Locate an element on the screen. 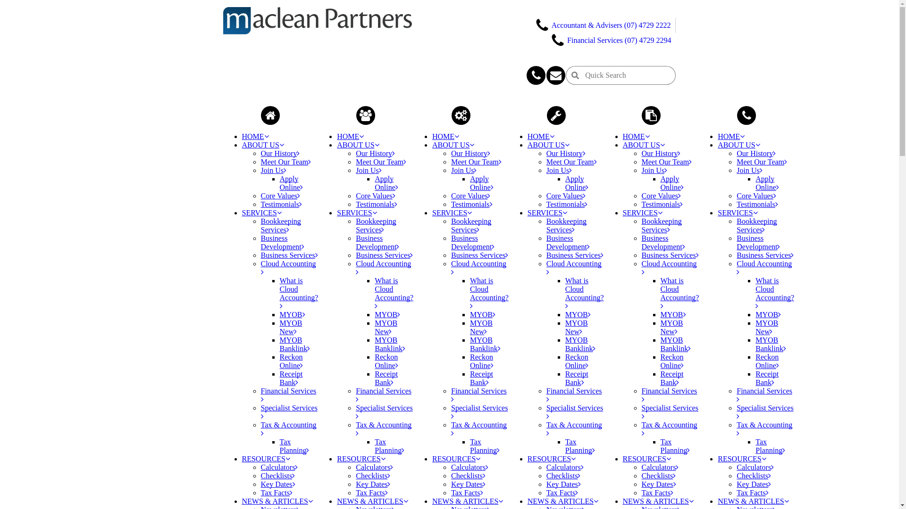  'Checklists' is located at coordinates (468, 476).